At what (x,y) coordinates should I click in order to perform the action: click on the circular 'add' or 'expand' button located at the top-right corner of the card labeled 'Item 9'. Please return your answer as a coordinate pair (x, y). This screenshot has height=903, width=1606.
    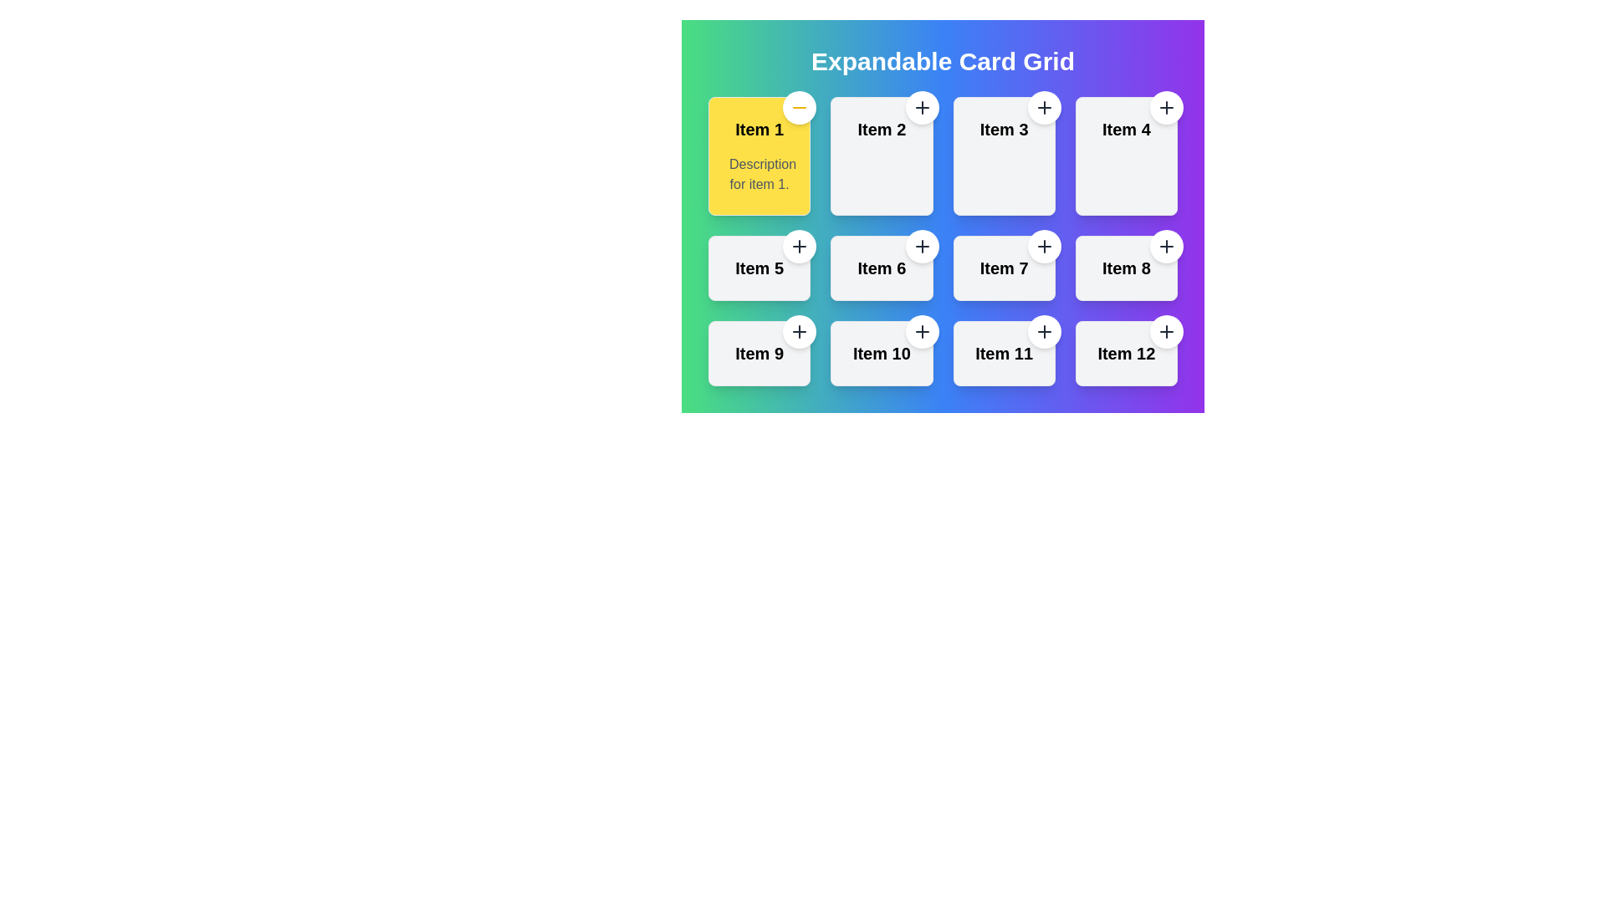
    Looking at the image, I should click on (799, 332).